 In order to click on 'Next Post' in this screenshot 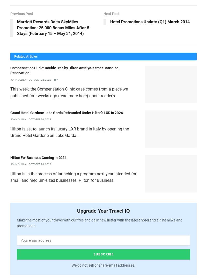, I will do `click(112, 13)`.